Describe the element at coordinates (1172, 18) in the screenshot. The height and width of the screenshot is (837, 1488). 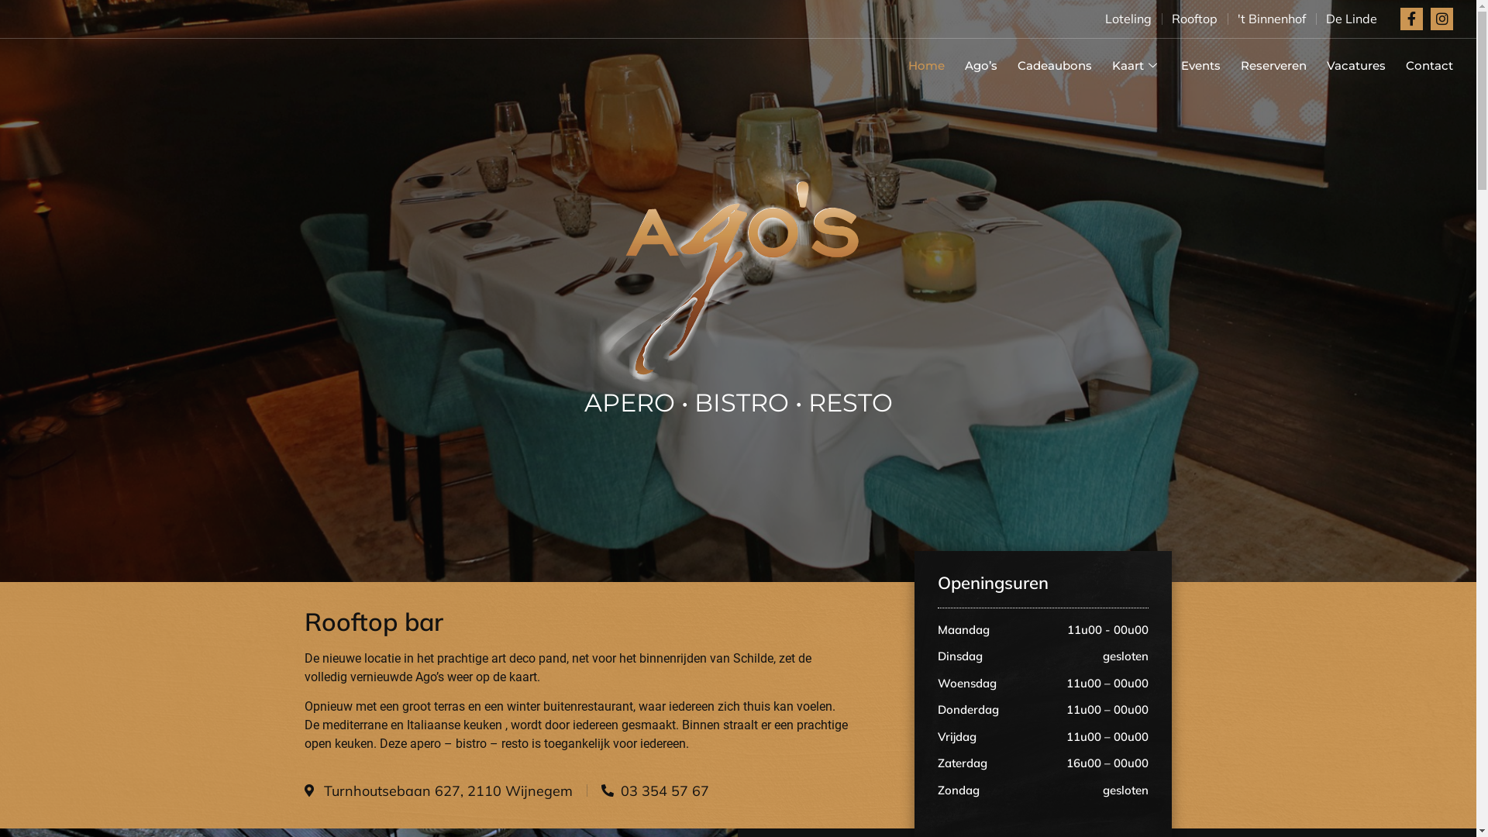
I see `'Rooftop'` at that location.